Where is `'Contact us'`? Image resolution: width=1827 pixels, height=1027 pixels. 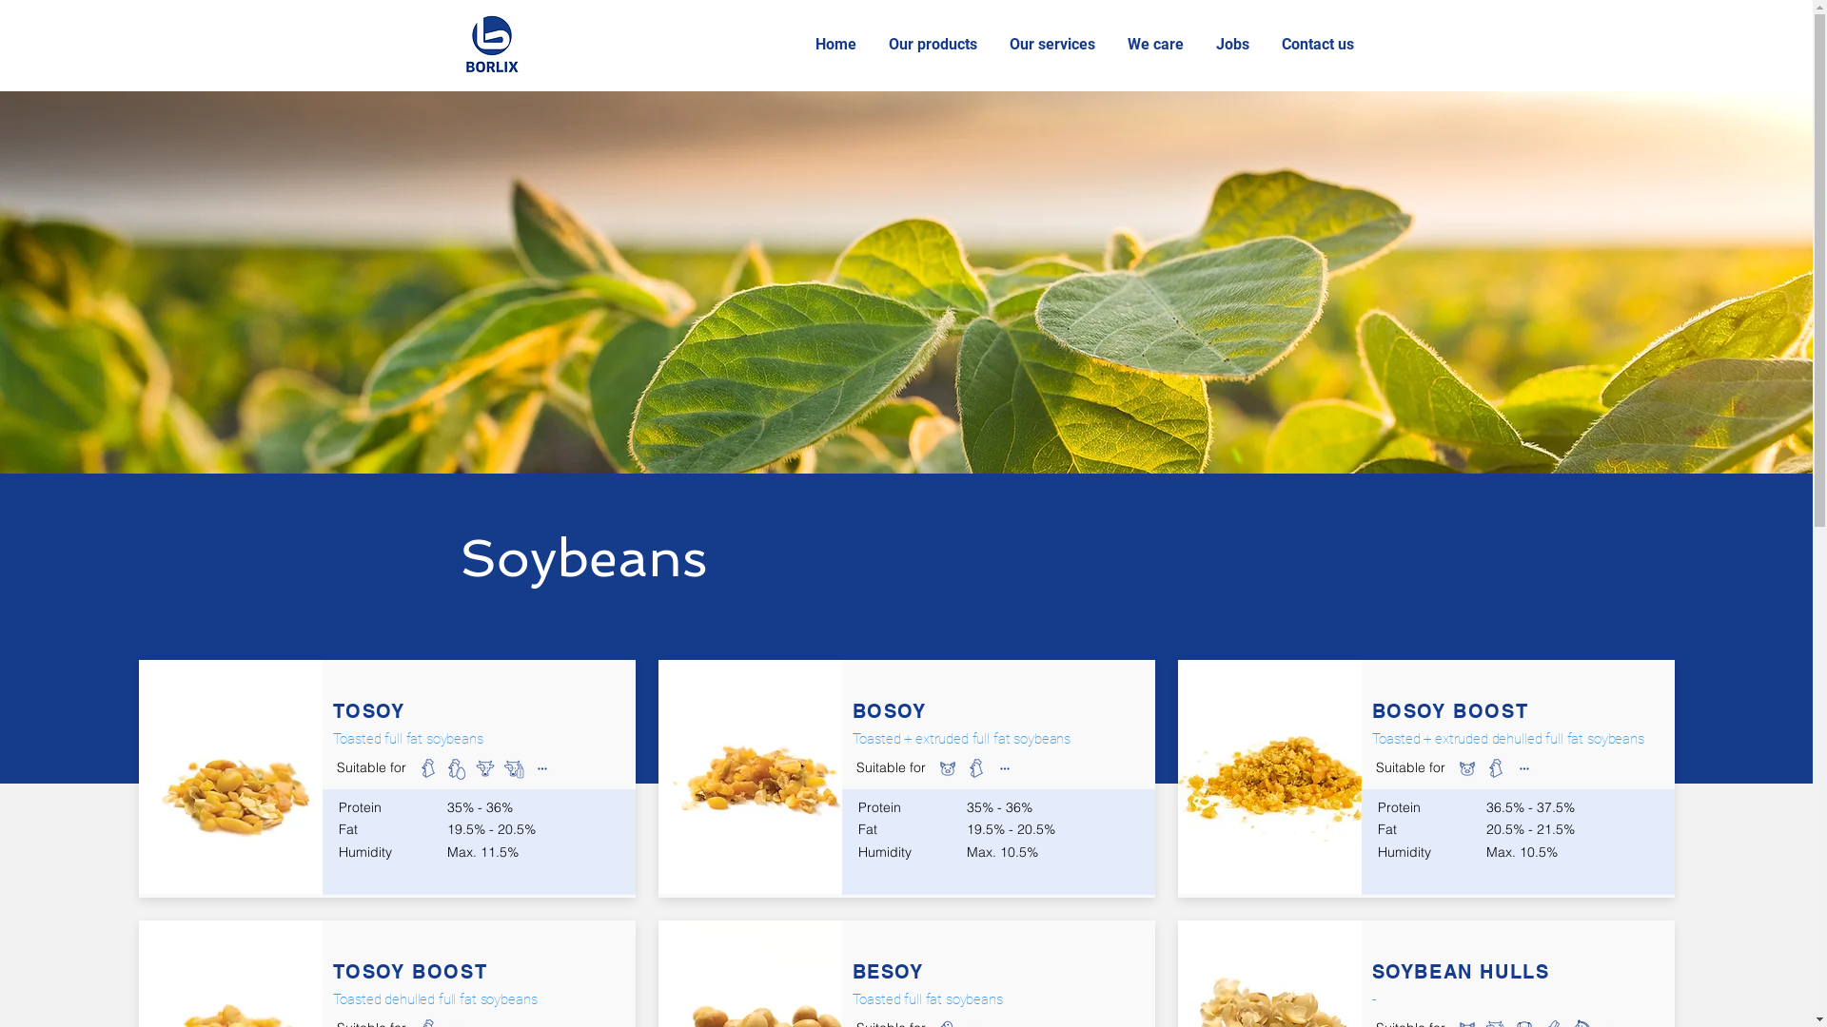
'Contact us' is located at coordinates (1319, 43).